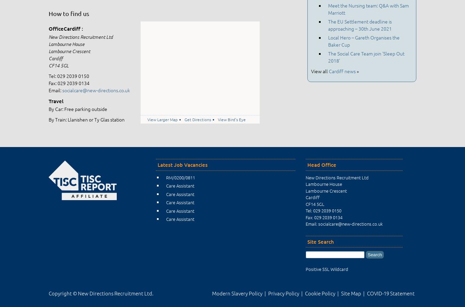 Image resolution: width=465 pixels, height=307 pixels. I want to click on 'Latest Job Vacancies', so click(182, 164).